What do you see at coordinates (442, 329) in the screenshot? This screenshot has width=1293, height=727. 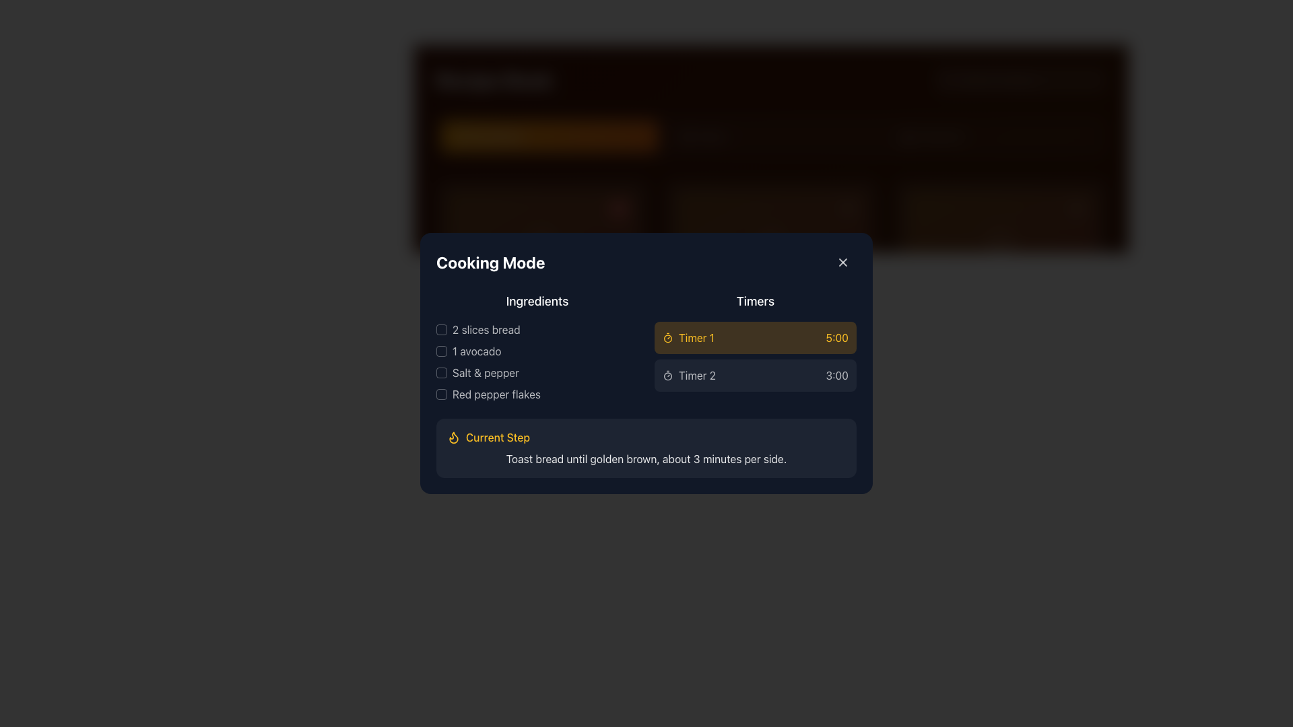 I see `the first checkbox for '2 slices bread' in the ingredients list` at bounding box center [442, 329].